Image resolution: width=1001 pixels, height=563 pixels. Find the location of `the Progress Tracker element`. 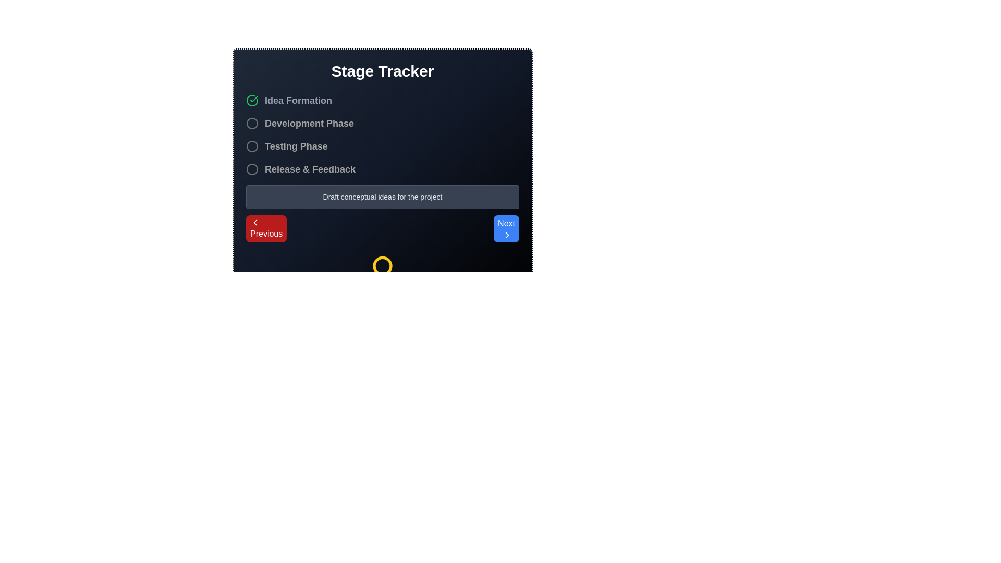

the Progress Tracker element is located at coordinates (382, 134).